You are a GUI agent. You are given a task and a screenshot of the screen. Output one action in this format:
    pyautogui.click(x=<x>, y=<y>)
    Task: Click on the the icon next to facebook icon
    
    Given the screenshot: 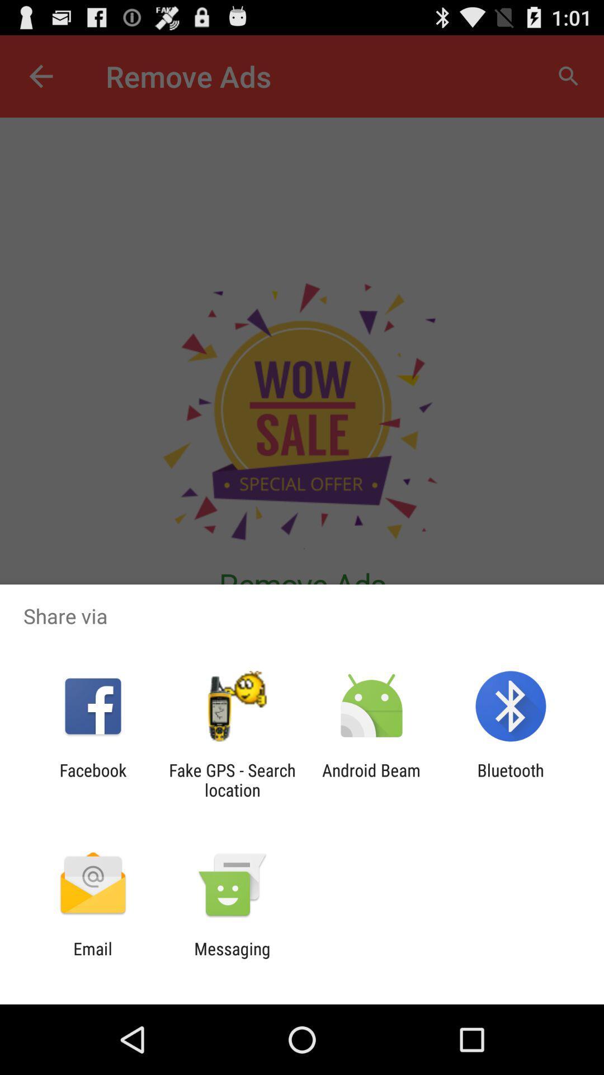 What is the action you would take?
    pyautogui.click(x=232, y=779)
    